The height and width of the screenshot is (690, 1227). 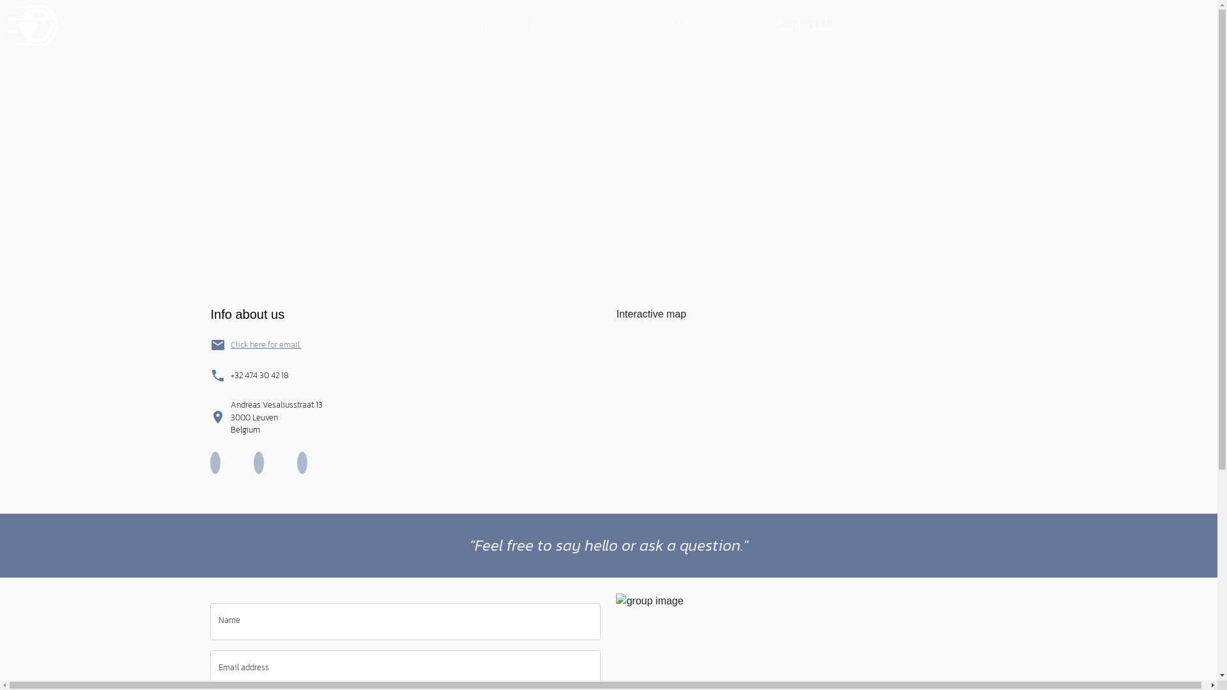 I want to click on 'Partners', so click(x=734, y=25).